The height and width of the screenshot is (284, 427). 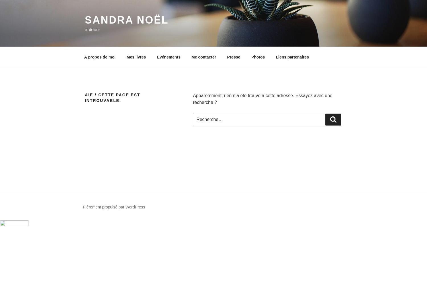 I want to click on 'Fièrement propulsé par WordPress', so click(x=83, y=207).